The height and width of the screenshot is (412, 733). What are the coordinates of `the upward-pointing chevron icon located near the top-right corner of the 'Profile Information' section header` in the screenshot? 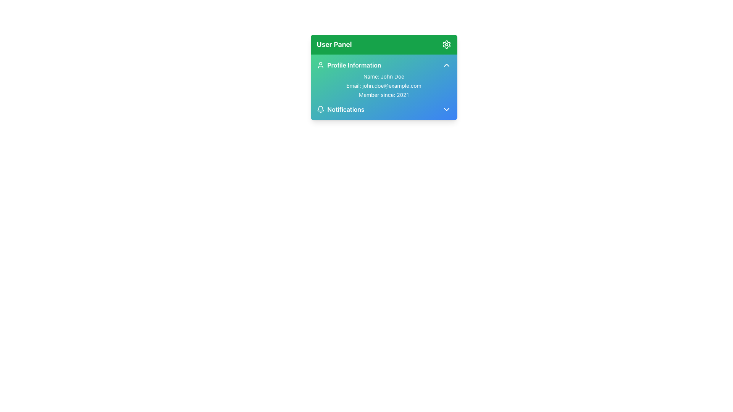 It's located at (446, 64).